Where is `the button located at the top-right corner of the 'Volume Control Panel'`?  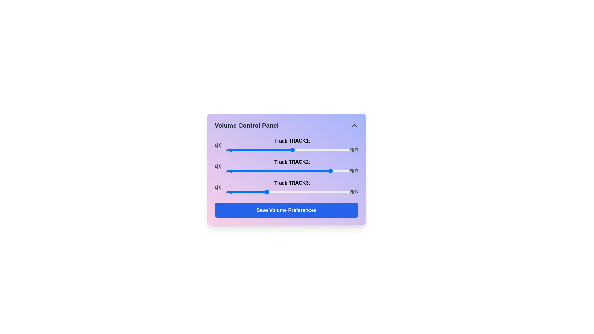 the button located at the top-right corner of the 'Volume Control Panel' is located at coordinates (355, 125).